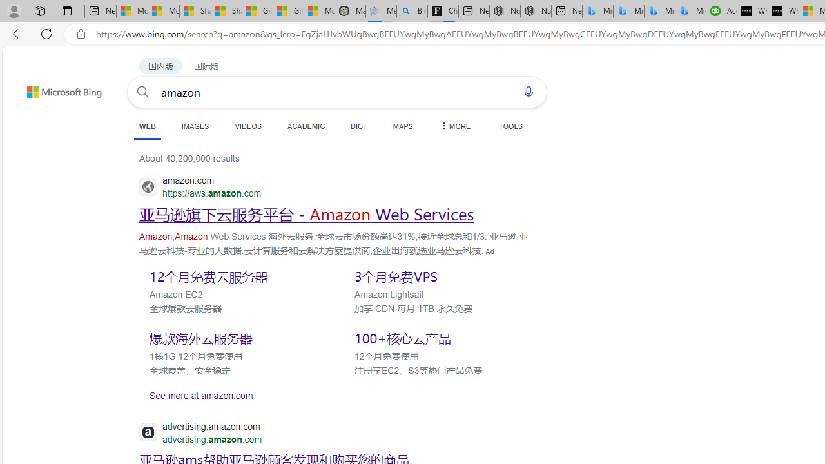 This screenshot has width=825, height=464. Describe the element at coordinates (529, 91) in the screenshot. I see `'Search using voice'` at that location.